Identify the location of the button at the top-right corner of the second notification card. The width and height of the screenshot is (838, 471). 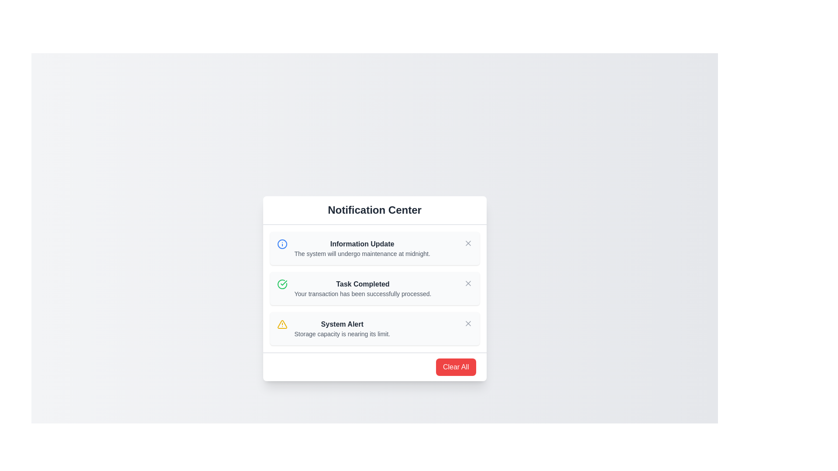
(467, 283).